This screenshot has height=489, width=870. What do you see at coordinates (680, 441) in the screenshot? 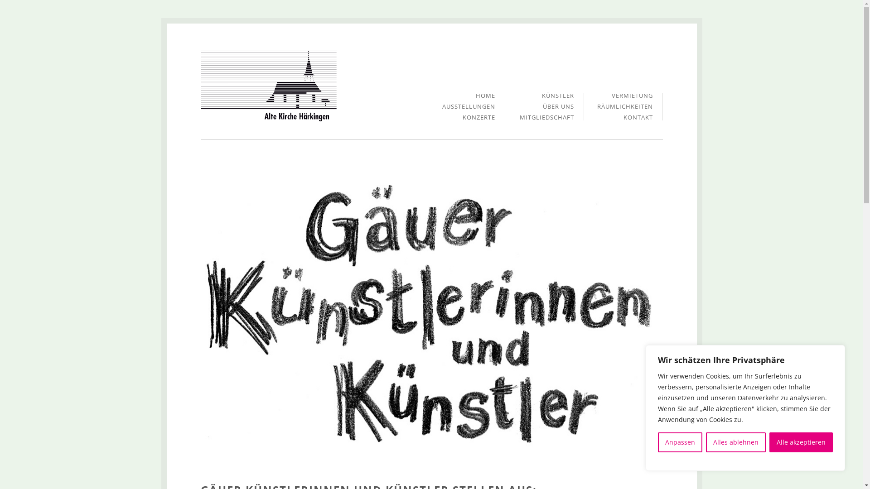
I see `'Anpassen'` at bounding box center [680, 441].